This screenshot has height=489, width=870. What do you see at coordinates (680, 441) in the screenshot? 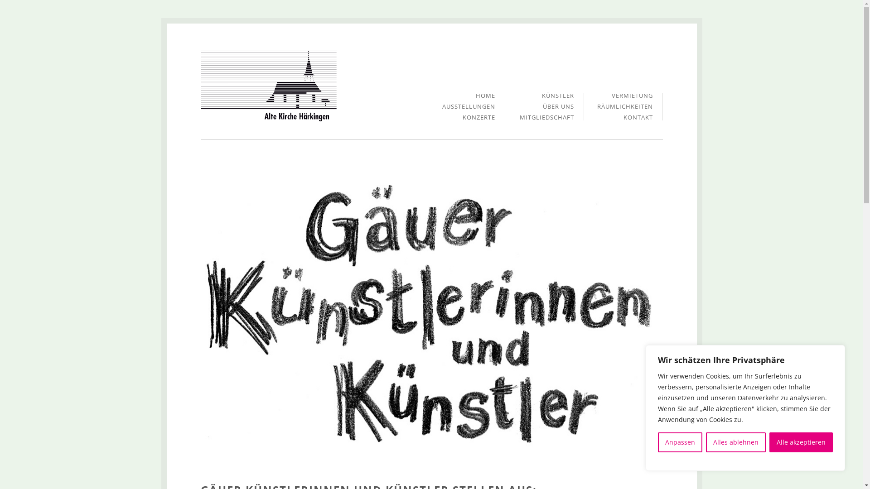
I see `'Anpassen'` at bounding box center [680, 441].